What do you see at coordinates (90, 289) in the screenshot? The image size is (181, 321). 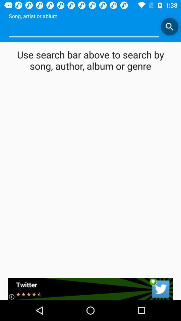 I see `twitter` at bounding box center [90, 289].